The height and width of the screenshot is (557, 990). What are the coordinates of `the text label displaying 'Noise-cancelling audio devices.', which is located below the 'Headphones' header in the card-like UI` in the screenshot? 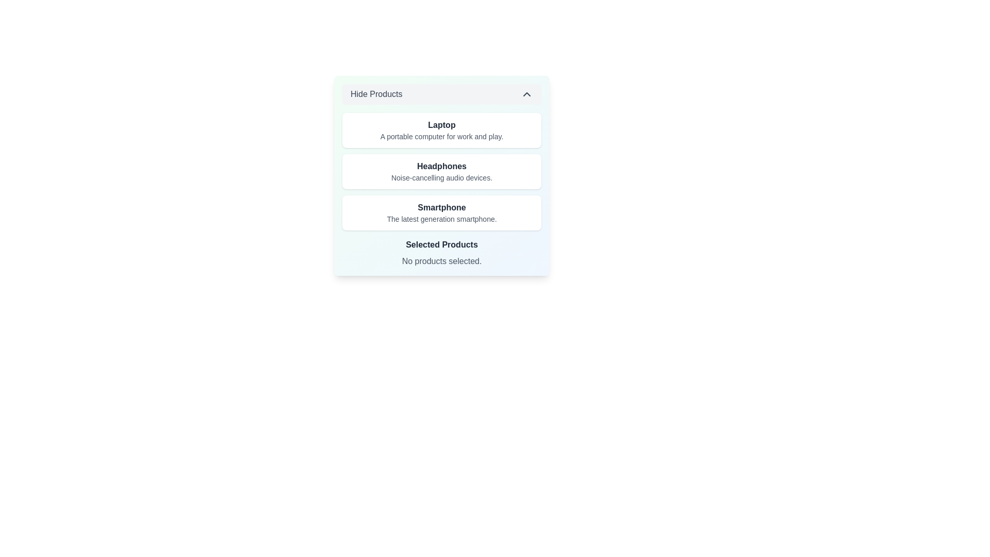 It's located at (442, 177).